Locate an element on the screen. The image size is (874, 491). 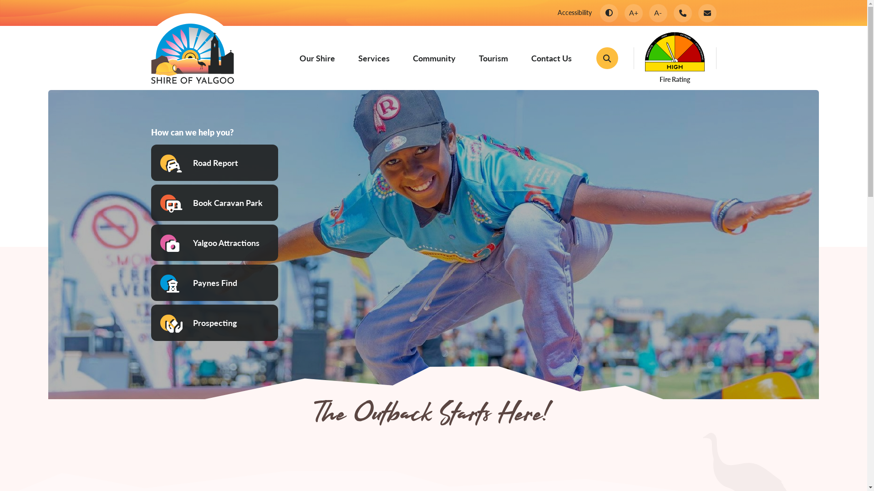
'Contact Us' is located at coordinates (550, 58).